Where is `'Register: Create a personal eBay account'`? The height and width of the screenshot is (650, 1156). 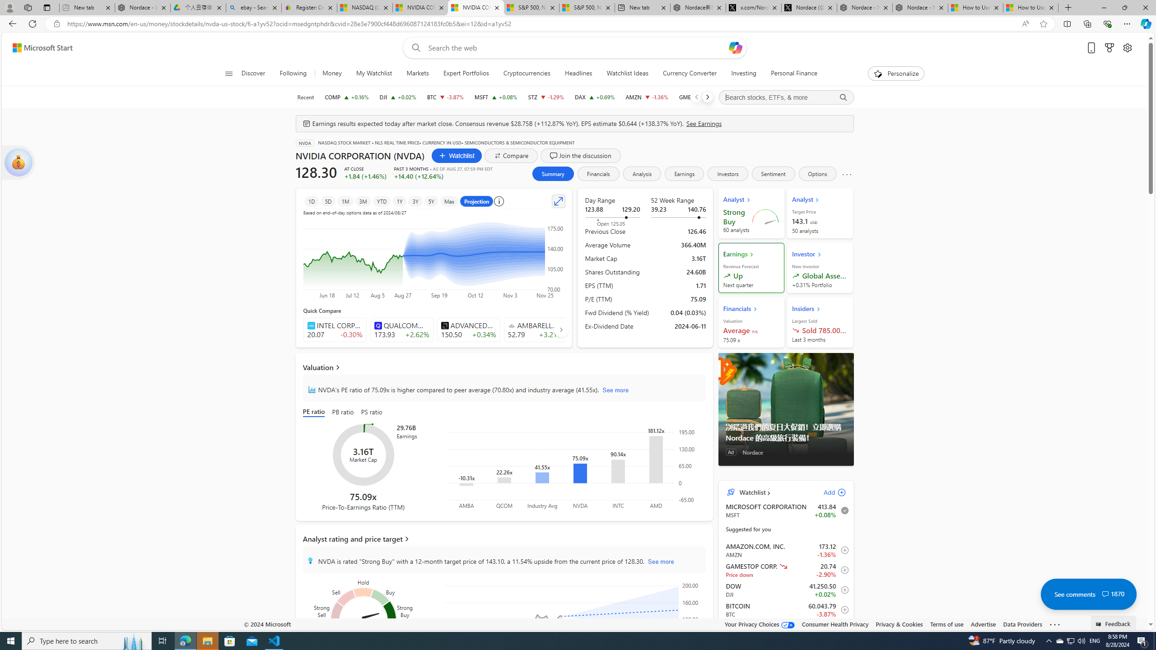
'Register: Create a personal eBay account' is located at coordinates (309, 7).